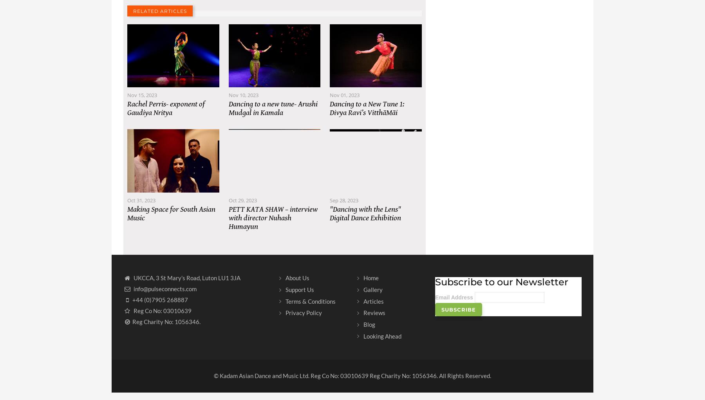 The width and height of the screenshot is (705, 400). Describe the element at coordinates (243, 103) in the screenshot. I see `'Nov 10, 2023'` at that location.